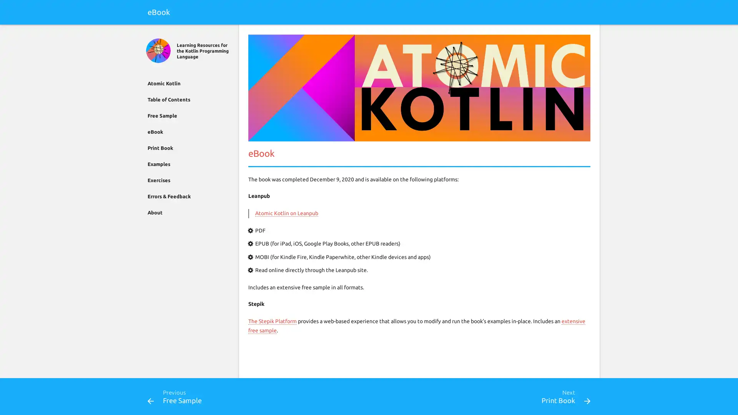  What do you see at coordinates (587, 33) in the screenshot?
I see `Search` at bounding box center [587, 33].